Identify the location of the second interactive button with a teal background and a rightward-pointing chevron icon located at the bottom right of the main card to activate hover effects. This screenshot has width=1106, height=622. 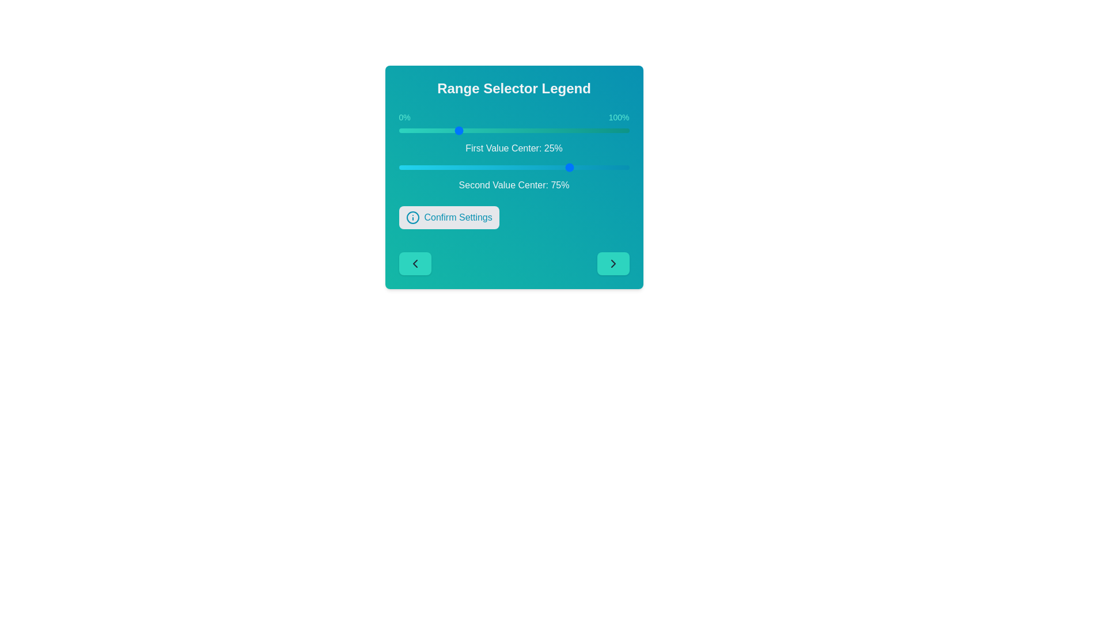
(612, 264).